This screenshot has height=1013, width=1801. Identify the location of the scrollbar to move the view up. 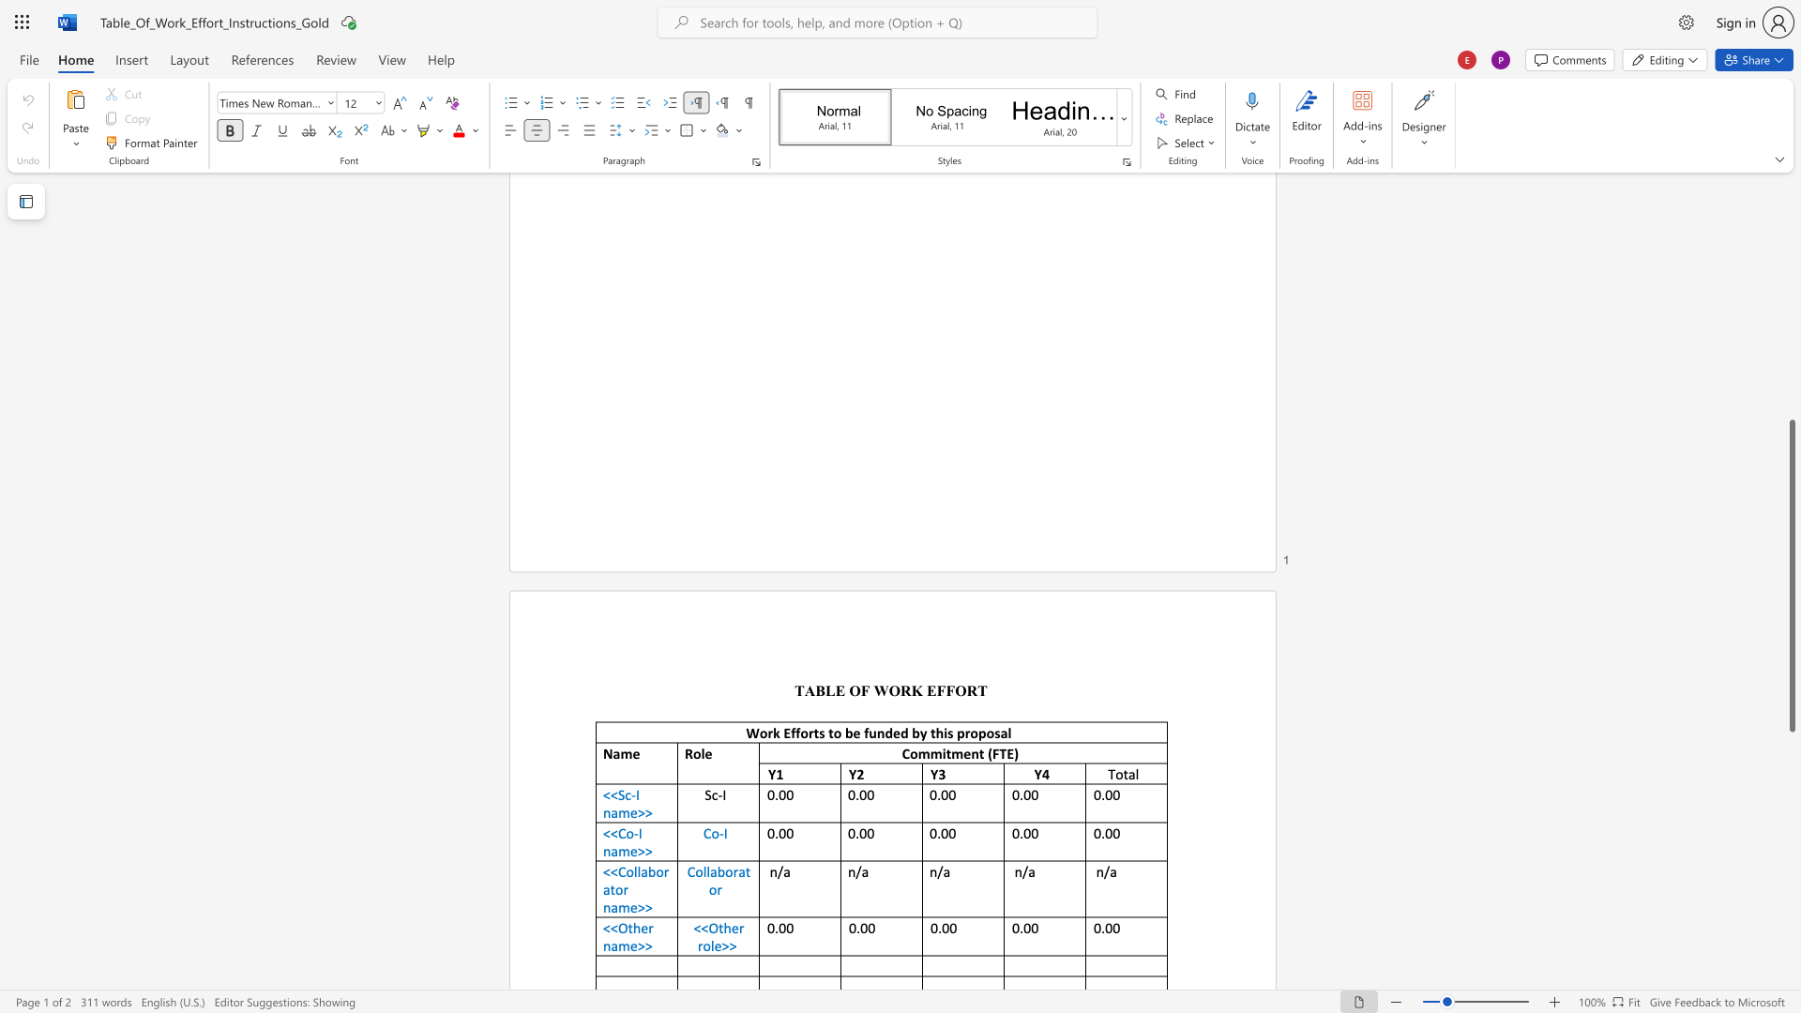
(1791, 336).